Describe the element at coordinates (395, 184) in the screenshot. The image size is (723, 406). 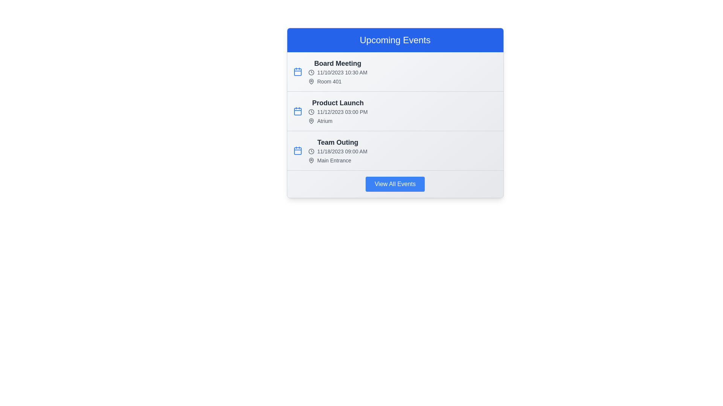
I see `the 'View All Events' button located at the bottom center of the 'Upcoming Events' card` at that location.